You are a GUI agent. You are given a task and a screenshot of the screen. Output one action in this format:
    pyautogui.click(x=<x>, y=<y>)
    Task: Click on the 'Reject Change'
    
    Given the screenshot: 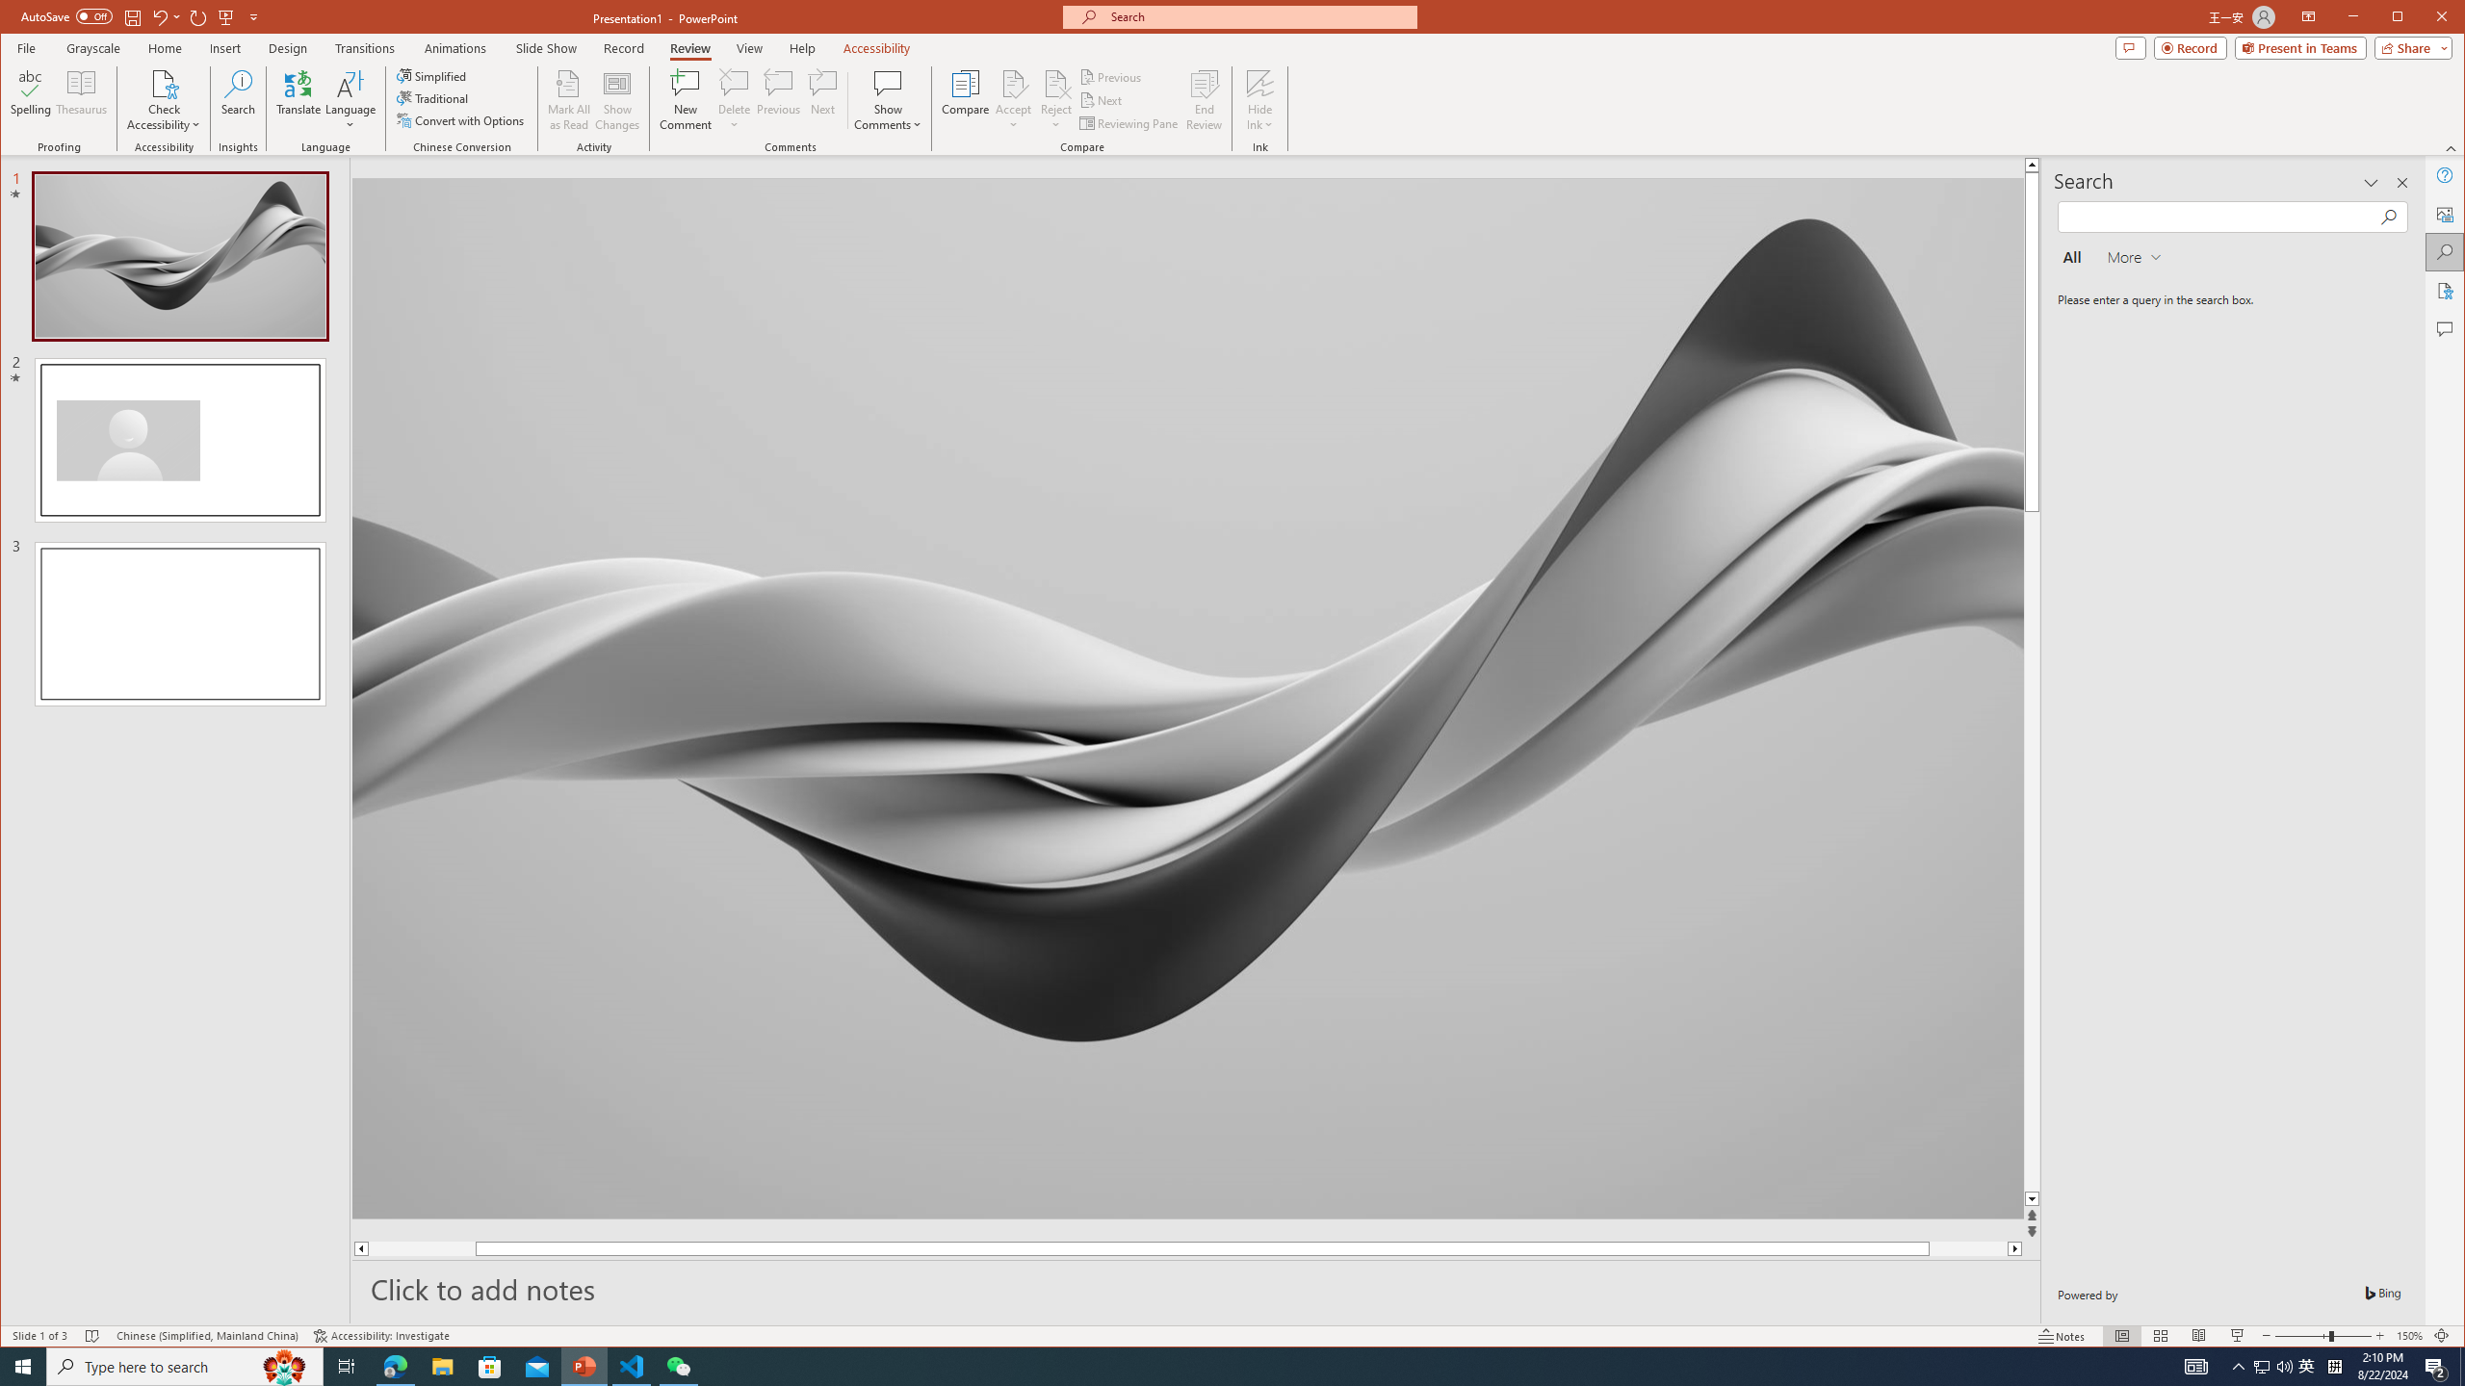 What is the action you would take?
    pyautogui.click(x=1055, y=82)
    